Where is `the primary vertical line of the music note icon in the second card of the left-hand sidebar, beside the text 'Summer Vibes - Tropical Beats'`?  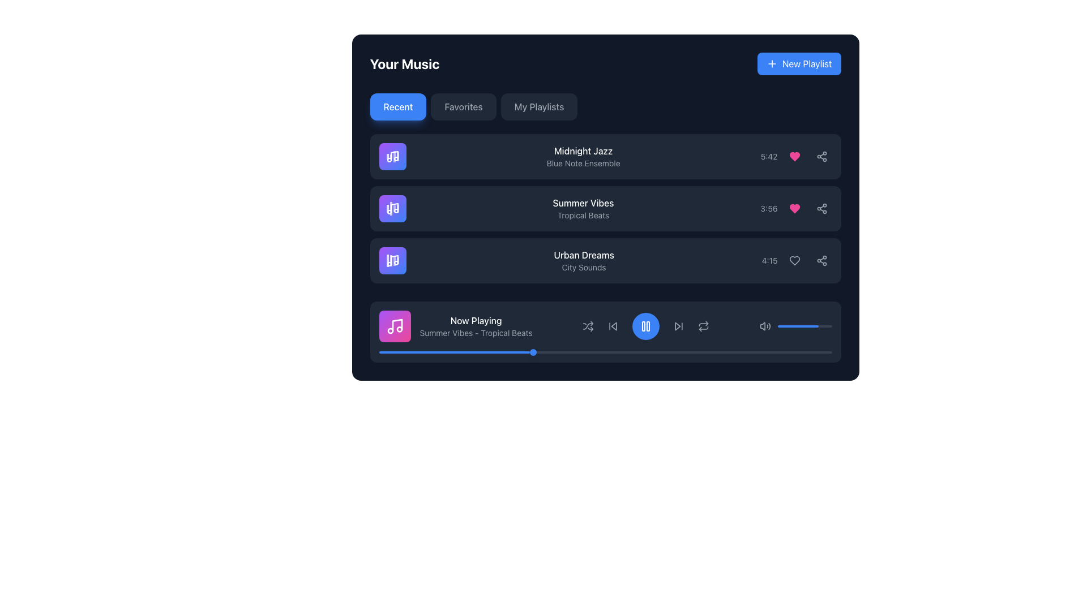 the primary vertical line of the music note icon in the second card of the left-hand sidebar, beside the text 'Summer Vibes - Tropical Beats' is located at coordinates (394, 208).